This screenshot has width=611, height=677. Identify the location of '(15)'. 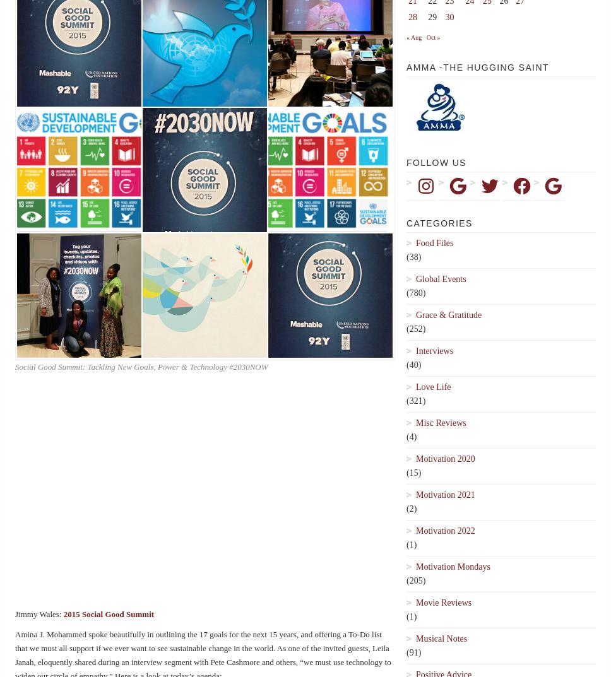
(413, 472).